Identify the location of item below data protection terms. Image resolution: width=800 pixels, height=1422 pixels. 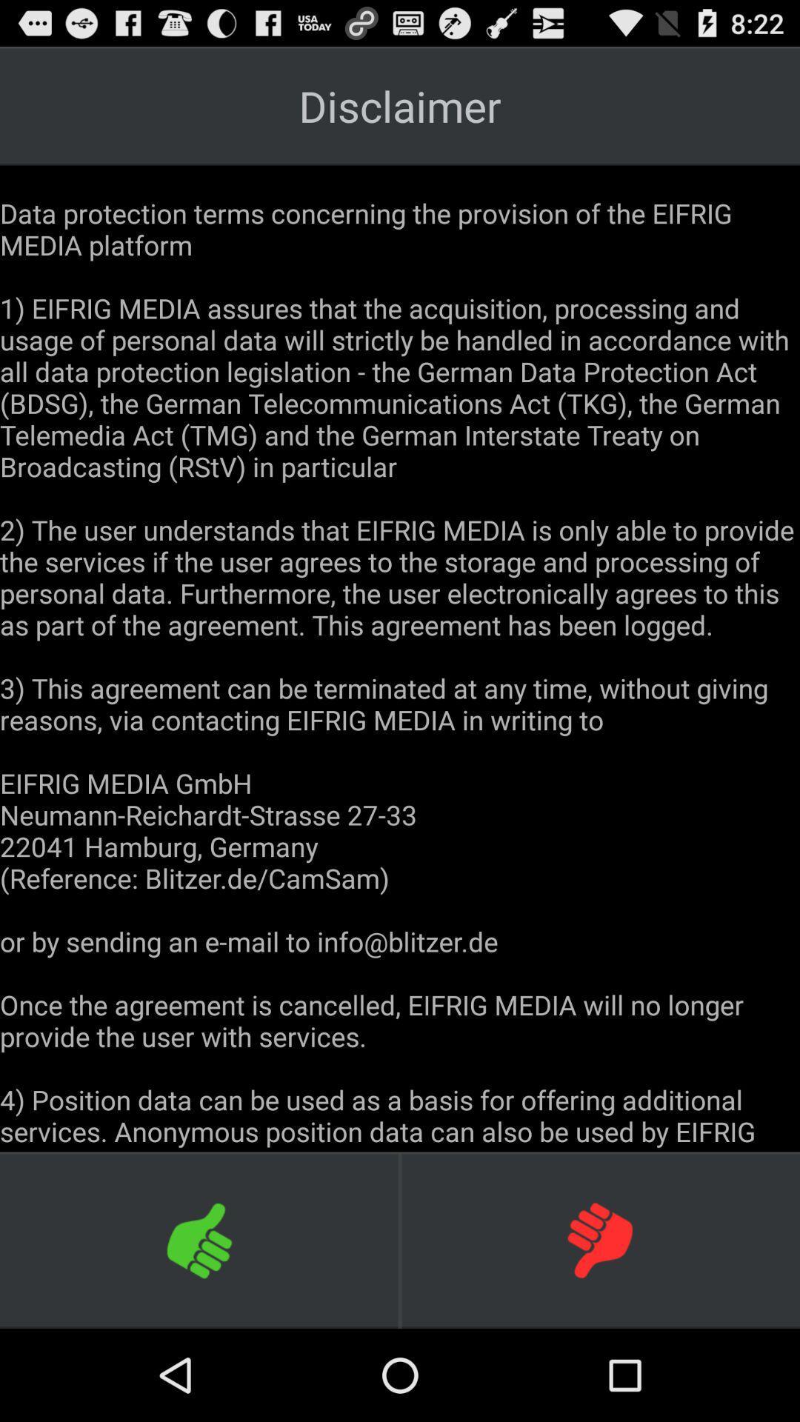
(600, 1240).